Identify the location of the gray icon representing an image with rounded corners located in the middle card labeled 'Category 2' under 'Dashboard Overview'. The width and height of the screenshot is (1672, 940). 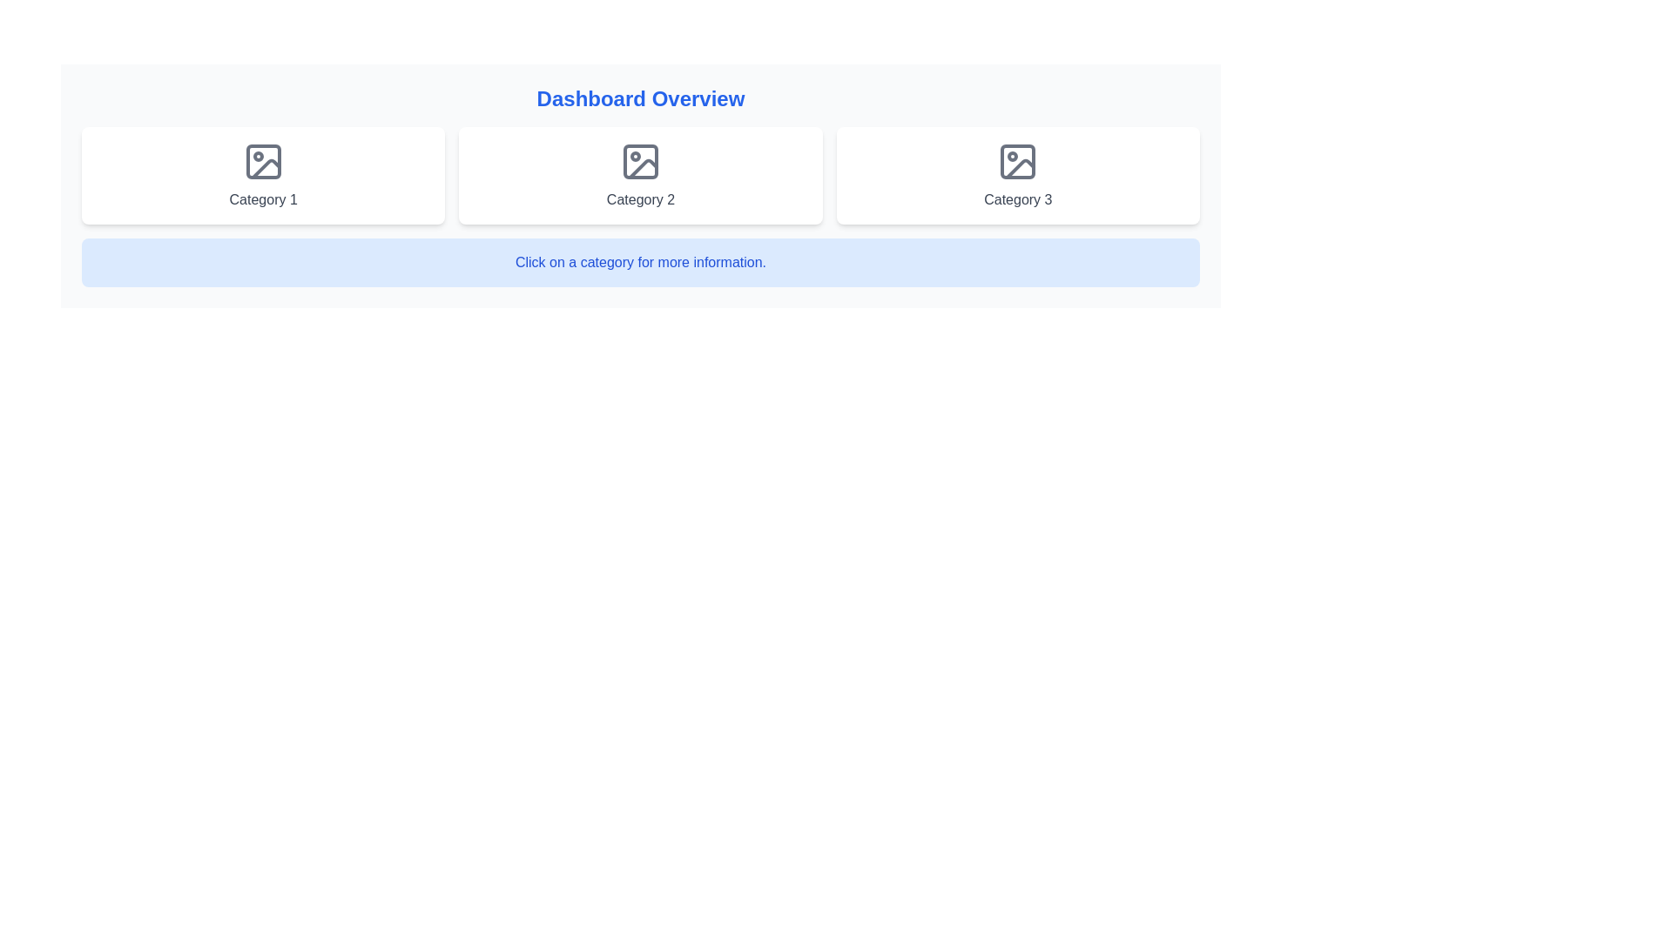
(639, 161).